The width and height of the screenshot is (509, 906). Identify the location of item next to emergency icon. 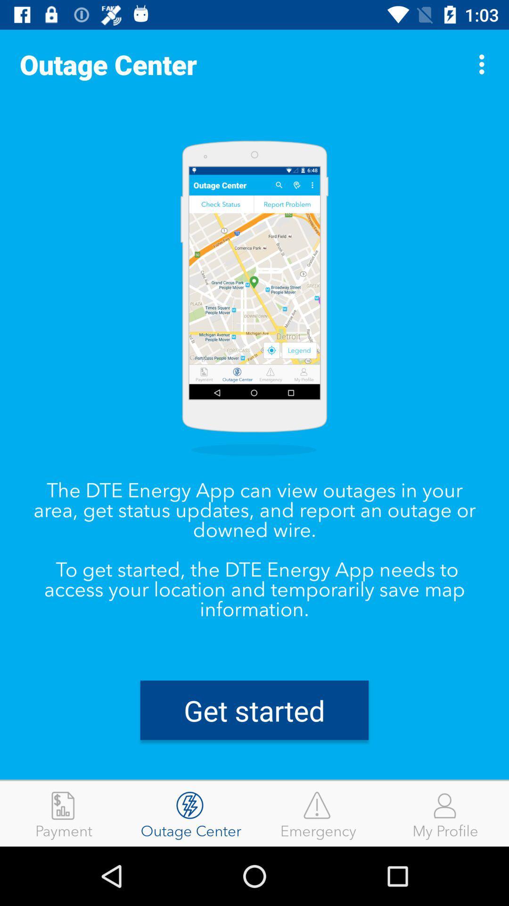
(445, 813).